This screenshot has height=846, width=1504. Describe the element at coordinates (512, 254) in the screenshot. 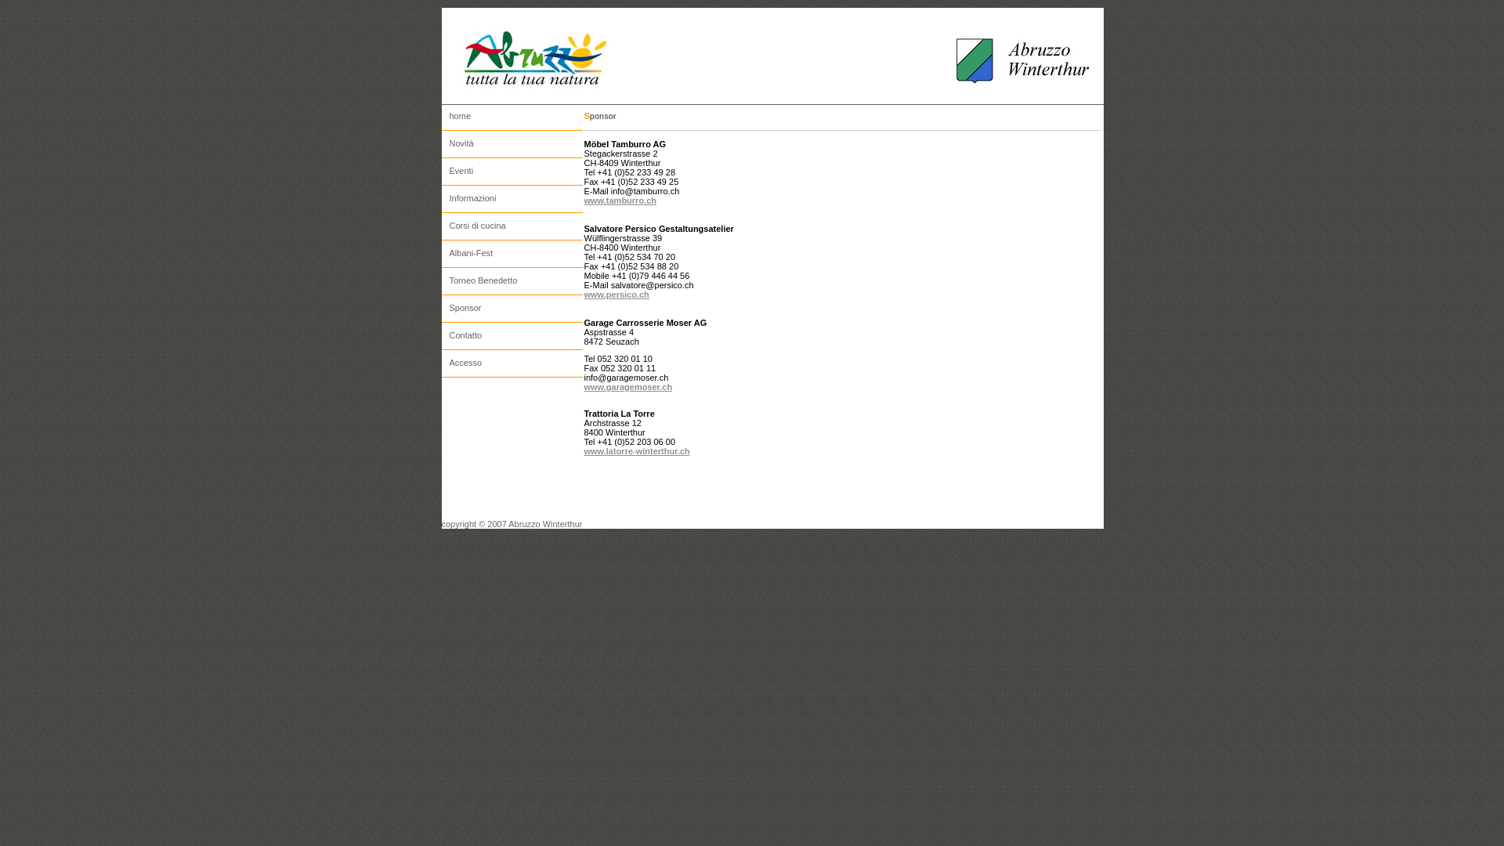

I see `'Albani-Fest'` at that location.